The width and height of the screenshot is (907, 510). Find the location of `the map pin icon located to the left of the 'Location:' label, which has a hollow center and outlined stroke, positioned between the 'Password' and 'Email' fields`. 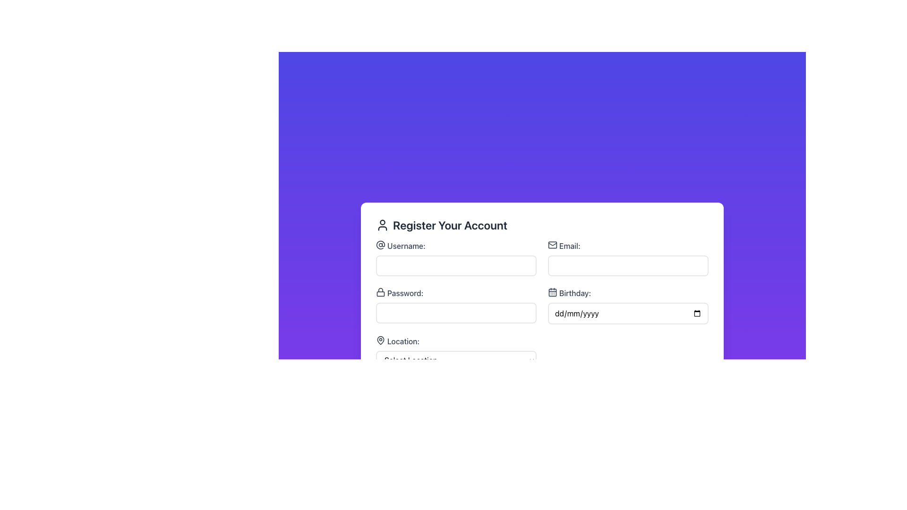

the map pin icon located to the left of the 'Location:' label, which has a hollow center and outlined stroke, positioned between the 'Password' and 'Email' fields is located at coordinates (381, 340).